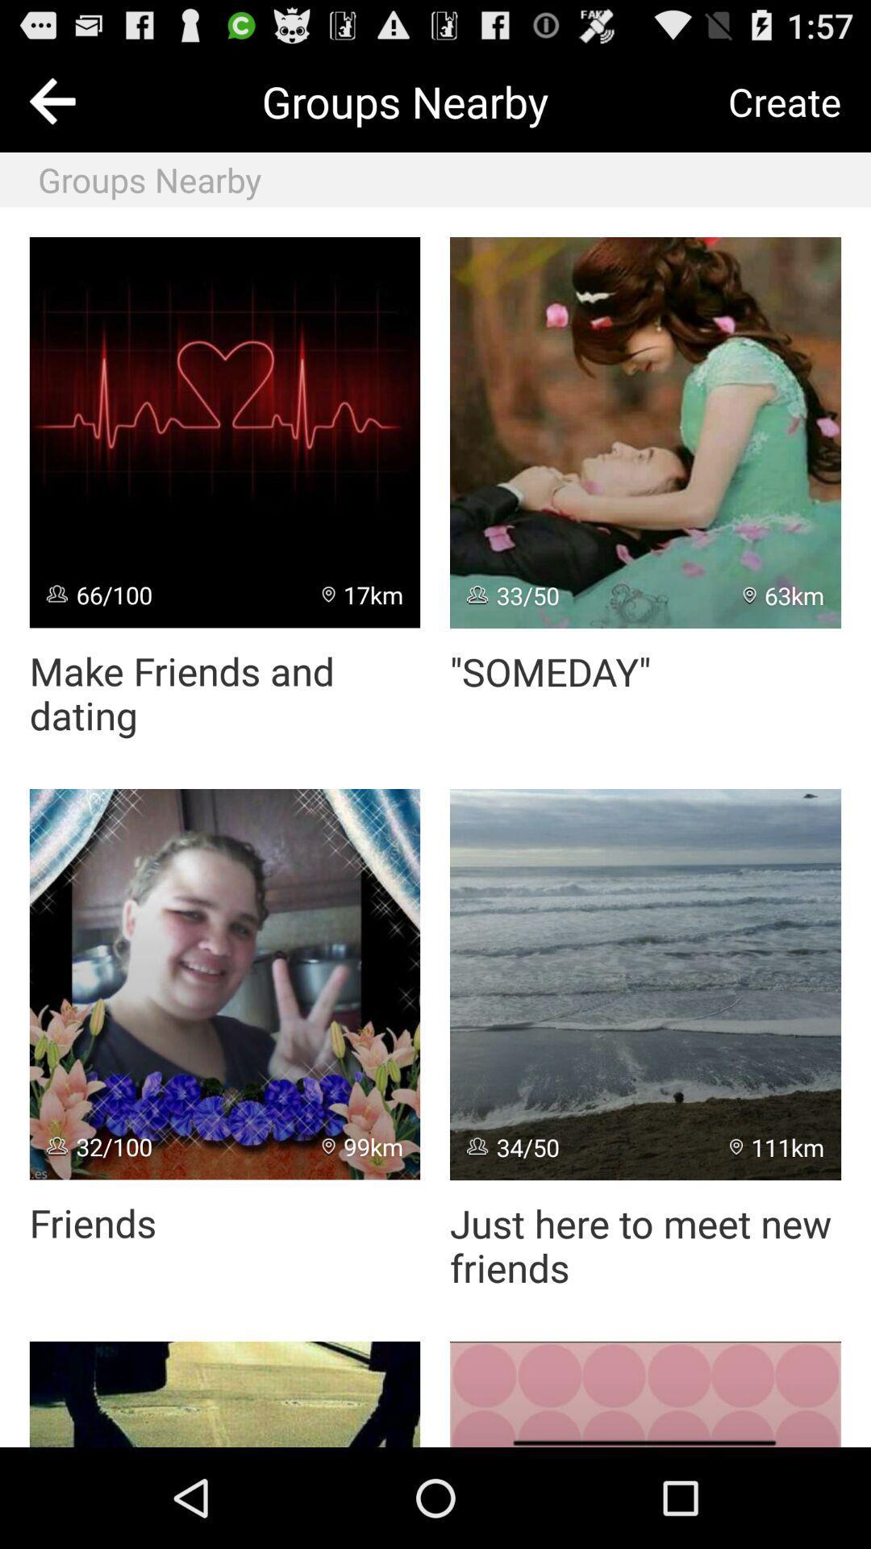 The image size is (871, 1549). Describe the element at coordinates (644, 432) in the screenshot. I see `icon above the "someday" item` at that location.